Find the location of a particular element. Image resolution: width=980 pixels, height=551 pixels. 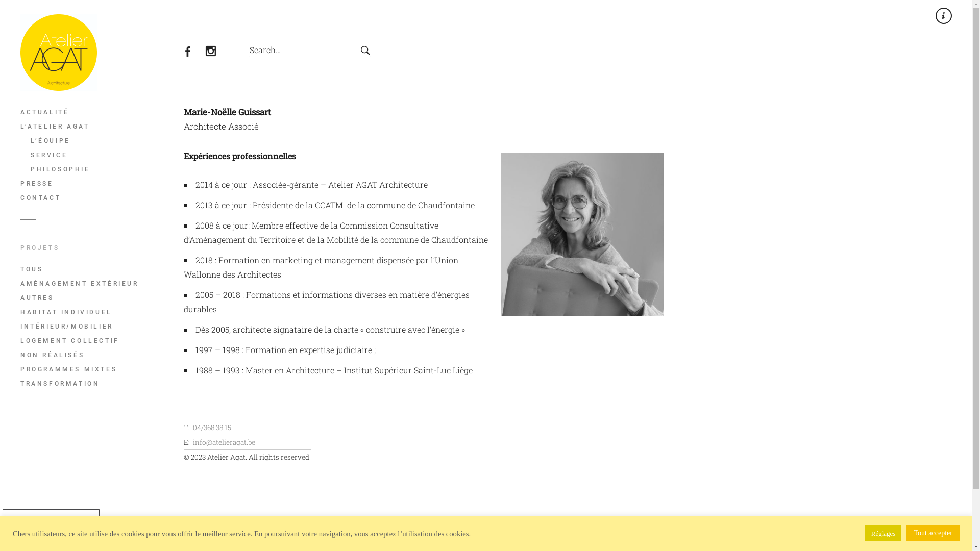

'info@atelieragat.be' is located at coordinates (223, 442).